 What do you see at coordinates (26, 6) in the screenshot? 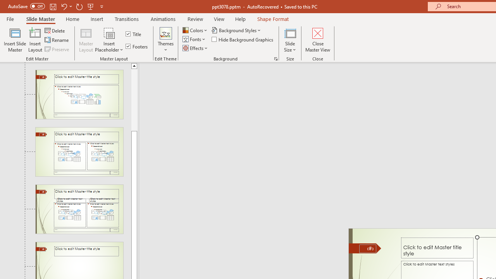
I see `'AutoSave'` at bounding box center [26, 6].